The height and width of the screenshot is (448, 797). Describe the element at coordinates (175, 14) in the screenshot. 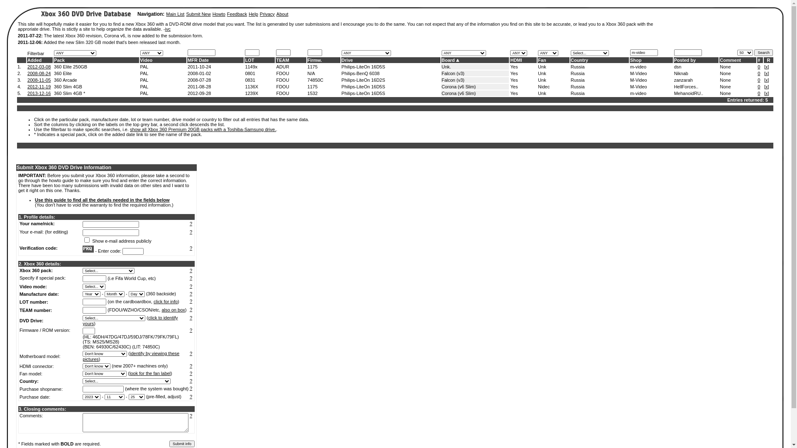

I see `'Main List'` at that location.